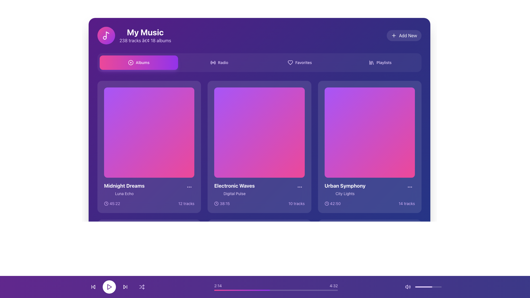  I want to click on text label displaying 'Digital Pulse', which is positioned below the title 'Electronic Waves' in a light purple font within the central card, so click(234, 193).